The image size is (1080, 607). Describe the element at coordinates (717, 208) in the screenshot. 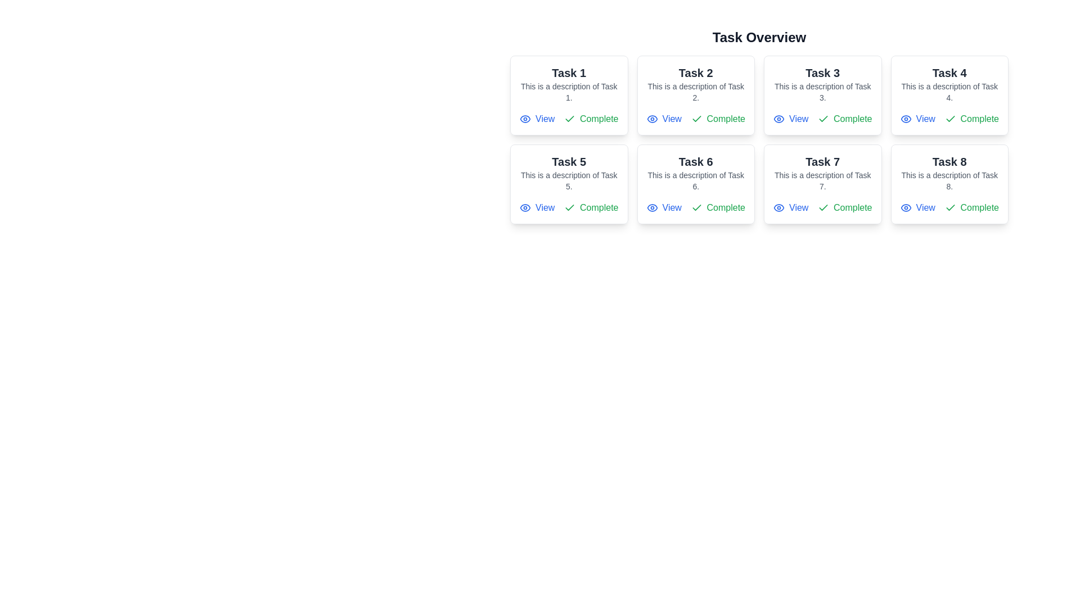

I see `the interactive label displaying 'Complete' with a checkmark icon to change the text color to a darker shade` at that location.